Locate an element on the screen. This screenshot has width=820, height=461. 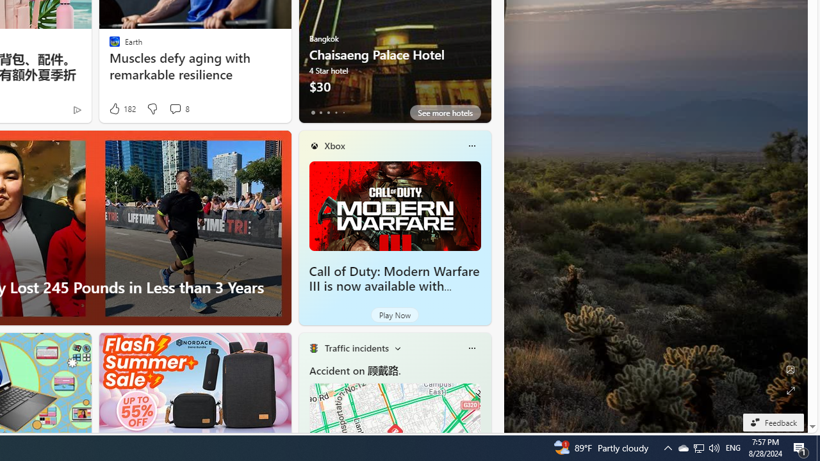
'Play Now' is located at coordinates (394, 315).